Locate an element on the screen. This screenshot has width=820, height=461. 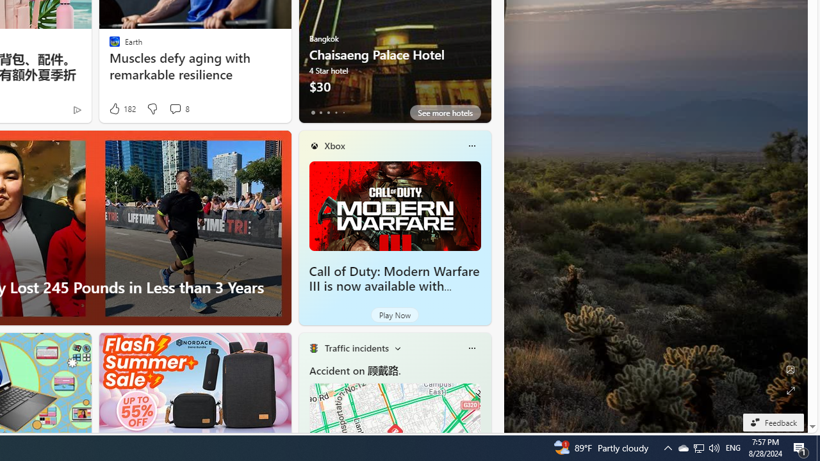
'Play Now' is located at coordinates (394, 315).